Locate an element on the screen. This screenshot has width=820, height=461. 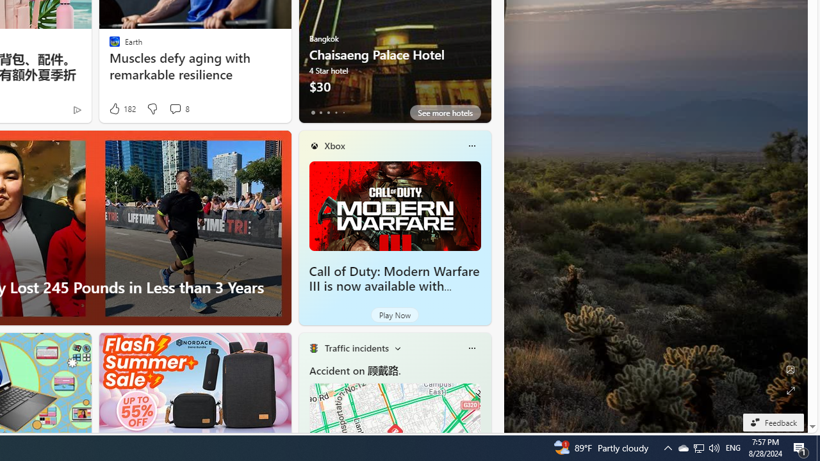
'Play Now' is located at coordinates (394, 315).